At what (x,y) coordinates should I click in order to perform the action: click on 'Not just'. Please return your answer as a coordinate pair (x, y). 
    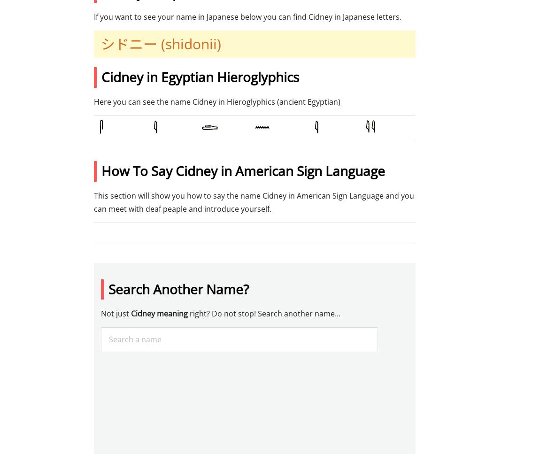
    Looking at the image, I should click on (100, 313).